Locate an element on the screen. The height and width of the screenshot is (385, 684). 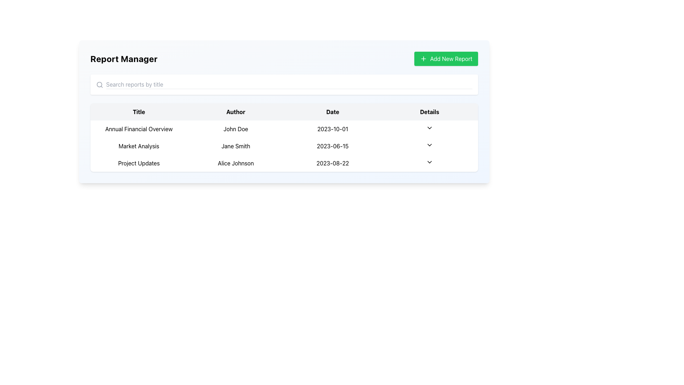
the third row of the 'Project Updates' table, which contains 'Alice Johnson' as the author and '2023-08-22' as the date is located at coordinates (284, 163).